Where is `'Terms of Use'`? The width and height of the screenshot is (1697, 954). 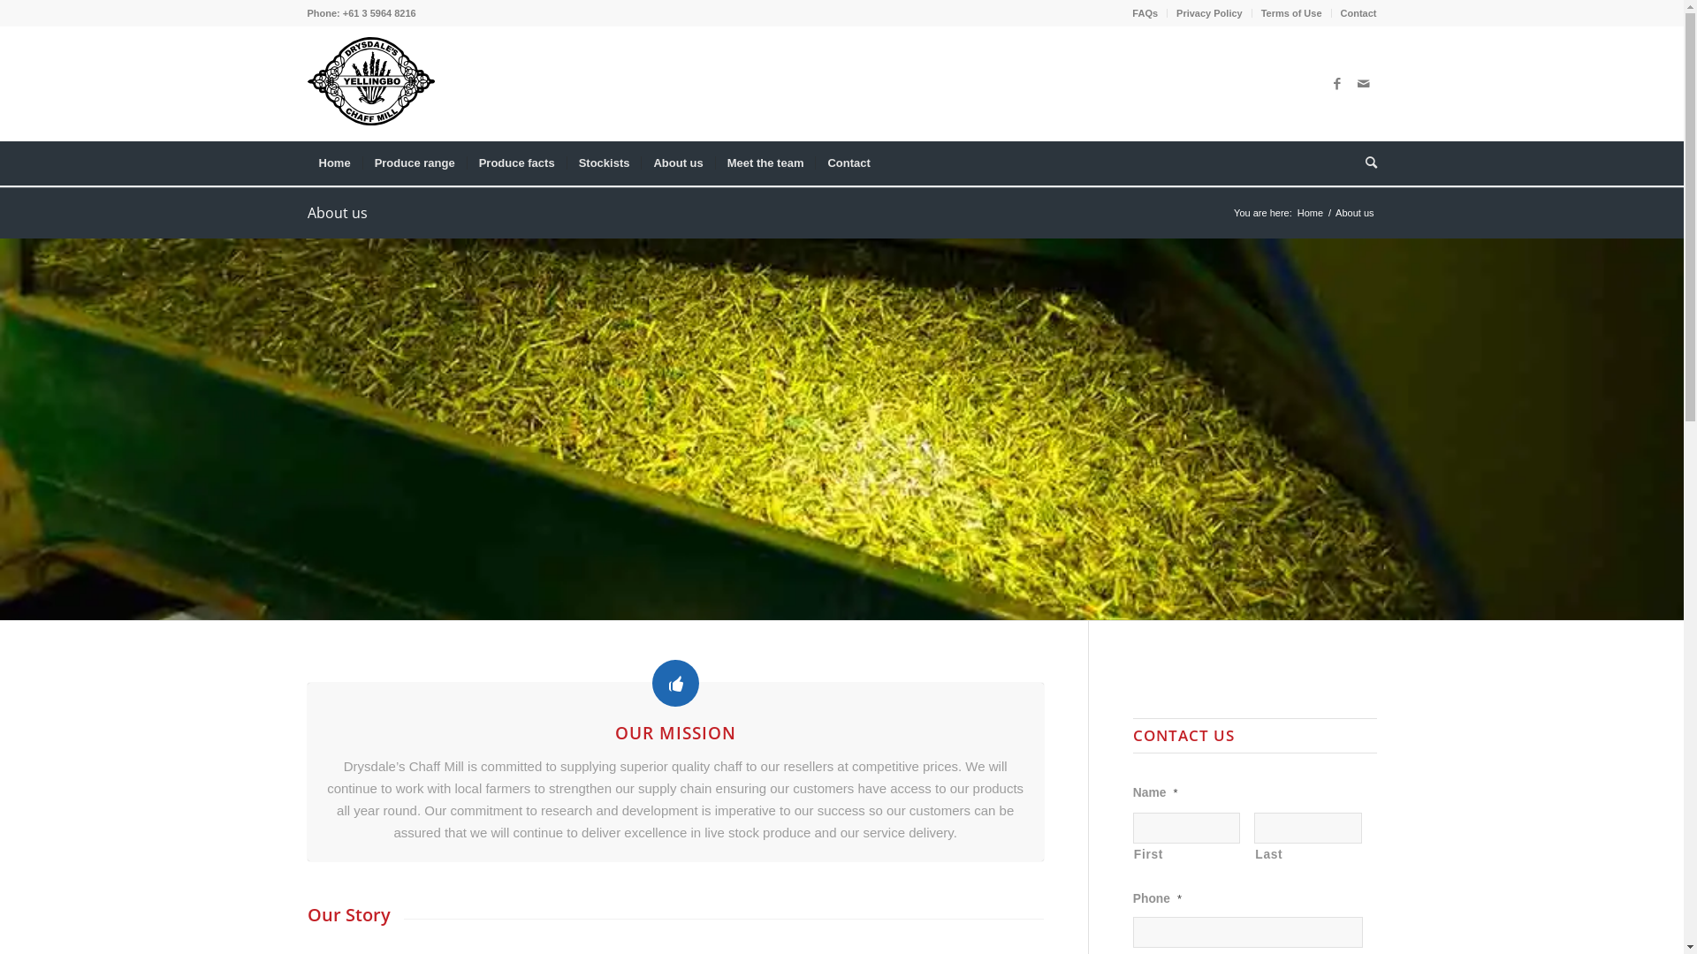 'Terms of Use' is located at coordinates (1259, 13).